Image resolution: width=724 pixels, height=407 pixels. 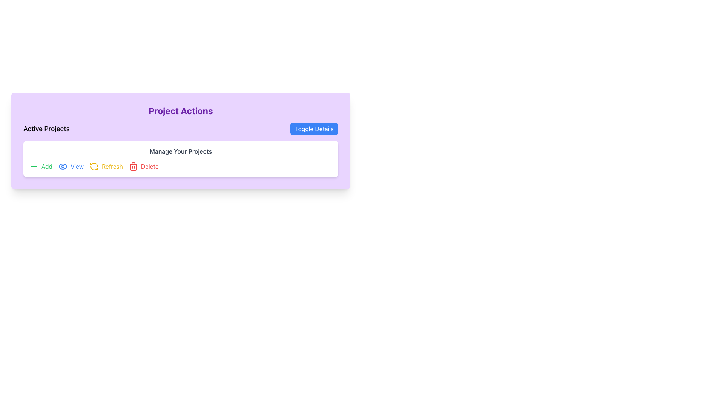 What do you see at coordinates (71, 166) in the screenshot?
I see `the button located in the 'Manage Your Projects' section that allows users` at bounding box center [71, 166].